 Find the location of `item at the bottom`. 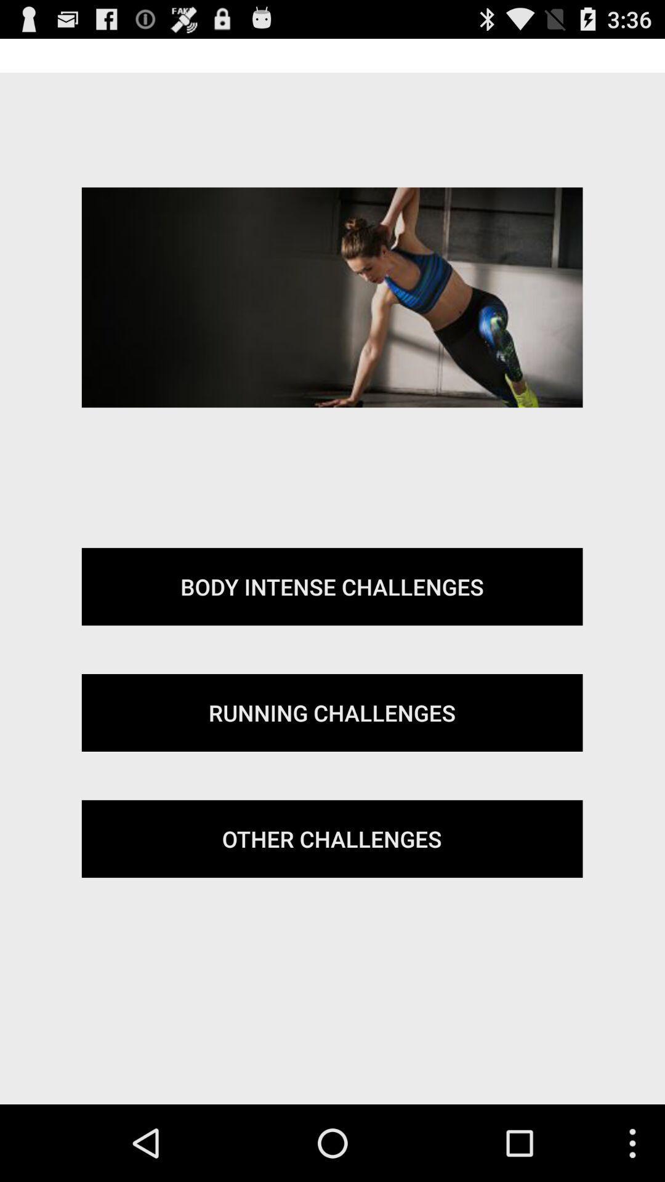

item at the bottom is located at coordinates (331, 838).